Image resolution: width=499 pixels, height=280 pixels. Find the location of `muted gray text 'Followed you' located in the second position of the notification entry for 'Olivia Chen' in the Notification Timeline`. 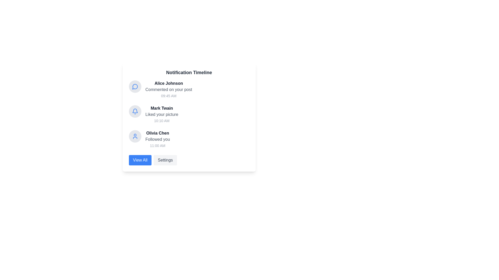

muted gray text 'Followed you' located in the second position of the notification entry for 'Olivia Chen' in the Notification Timeline is located at coordinates (157, 139).